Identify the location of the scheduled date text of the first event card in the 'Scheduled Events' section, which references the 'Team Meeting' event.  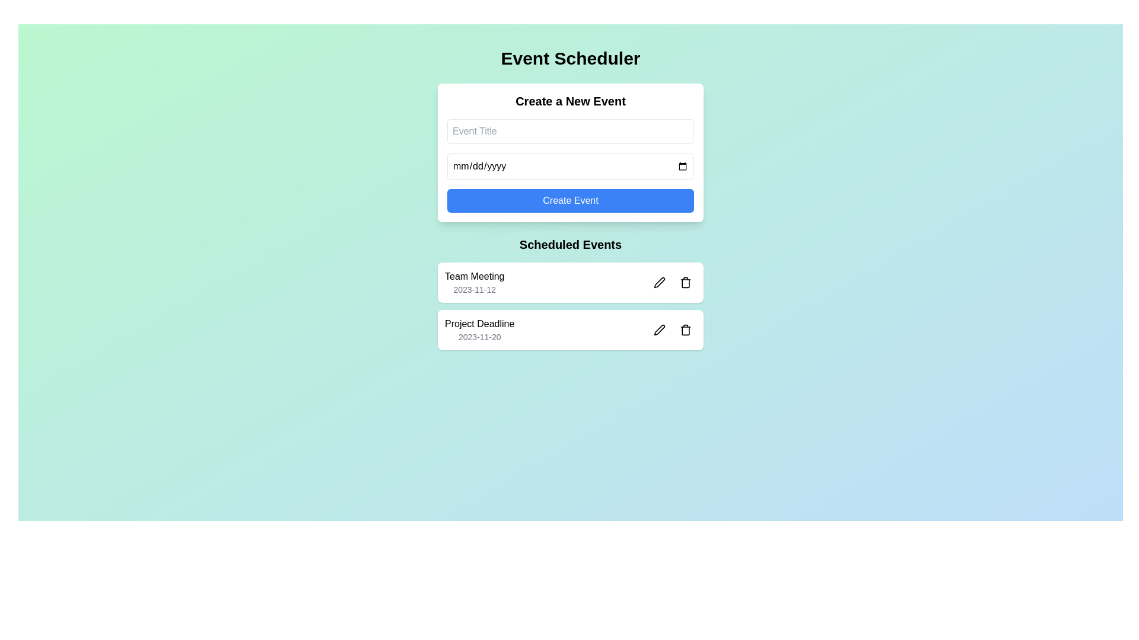
(475, 290).